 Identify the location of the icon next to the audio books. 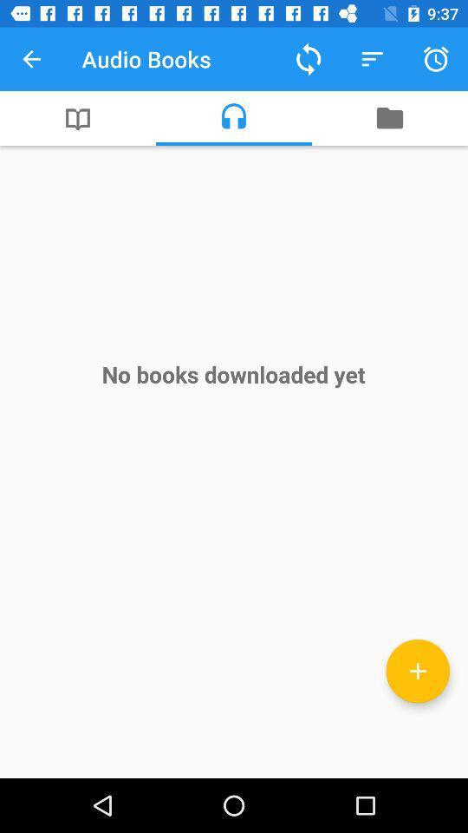
(308, 59).